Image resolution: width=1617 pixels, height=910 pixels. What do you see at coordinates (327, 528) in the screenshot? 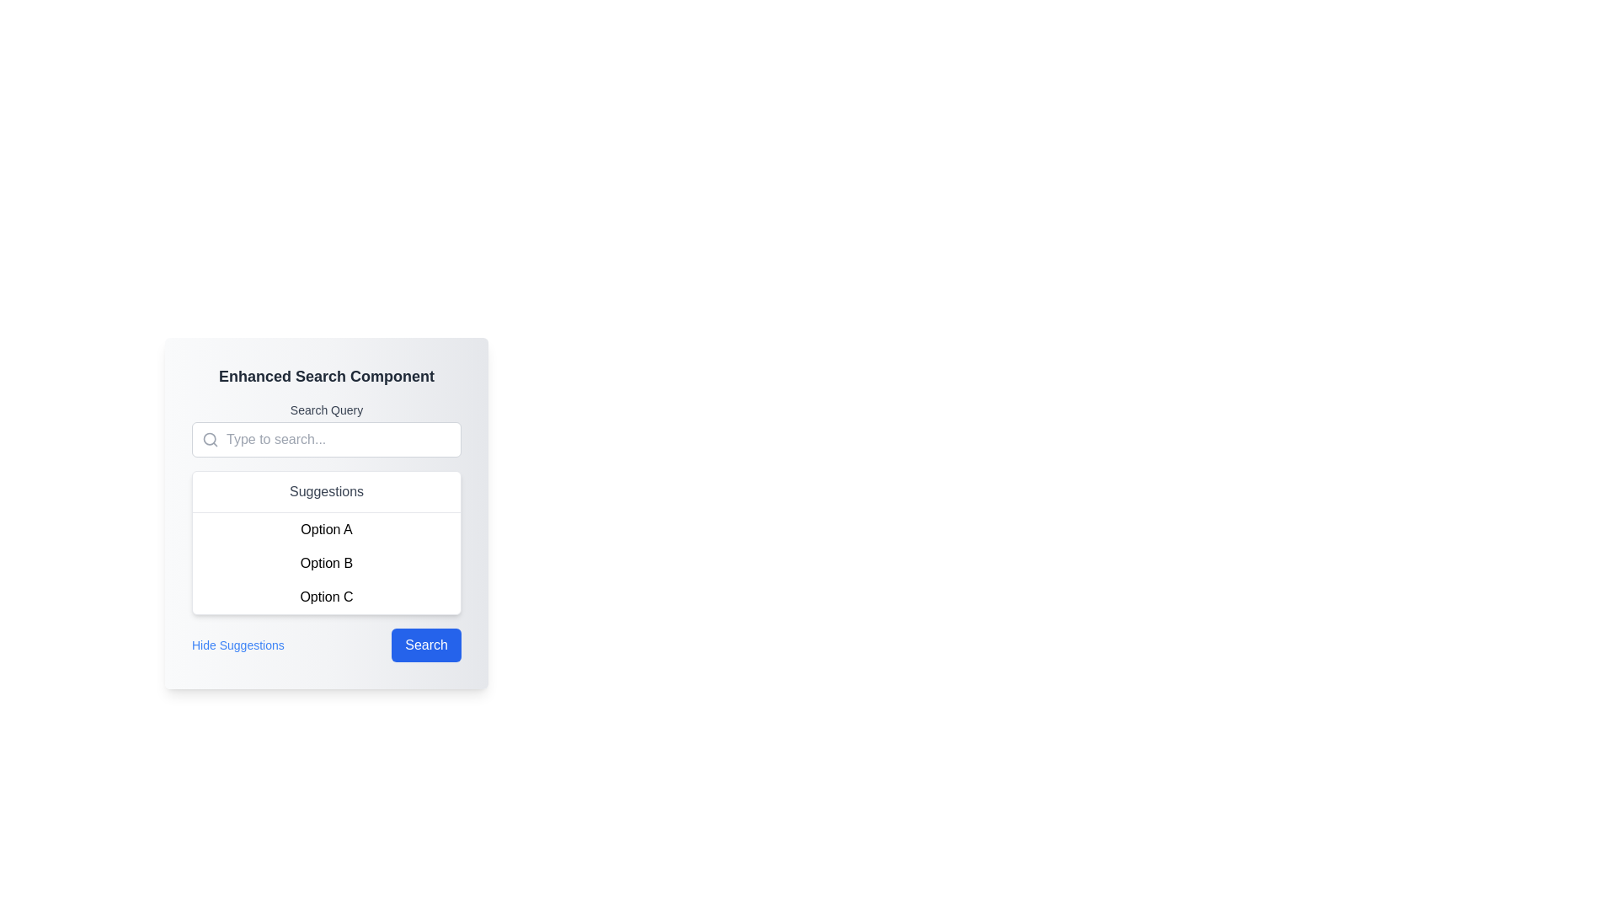
I see `the text label displaying 'Option A'` at bounding box center [327, 528].